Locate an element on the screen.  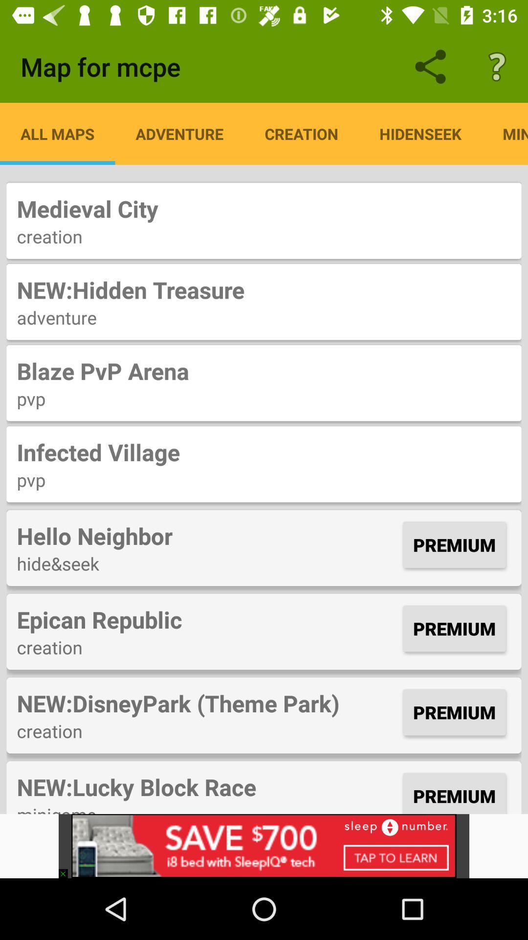
icon next to the creation item is located at coordinates (420, 133).